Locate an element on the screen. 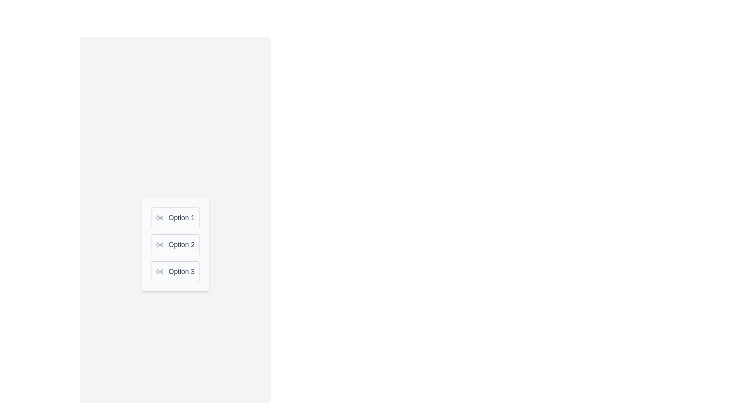  the unselected radio button icon located to the left of 'Option 2' is located at coordinates (160, 244).